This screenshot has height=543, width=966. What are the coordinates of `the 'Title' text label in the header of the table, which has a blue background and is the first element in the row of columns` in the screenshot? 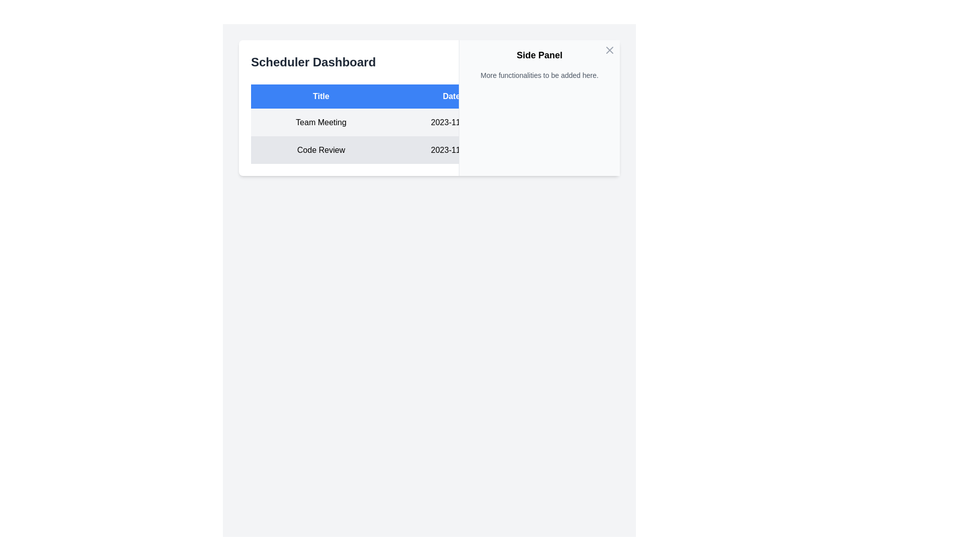 It's located at (320, 97).